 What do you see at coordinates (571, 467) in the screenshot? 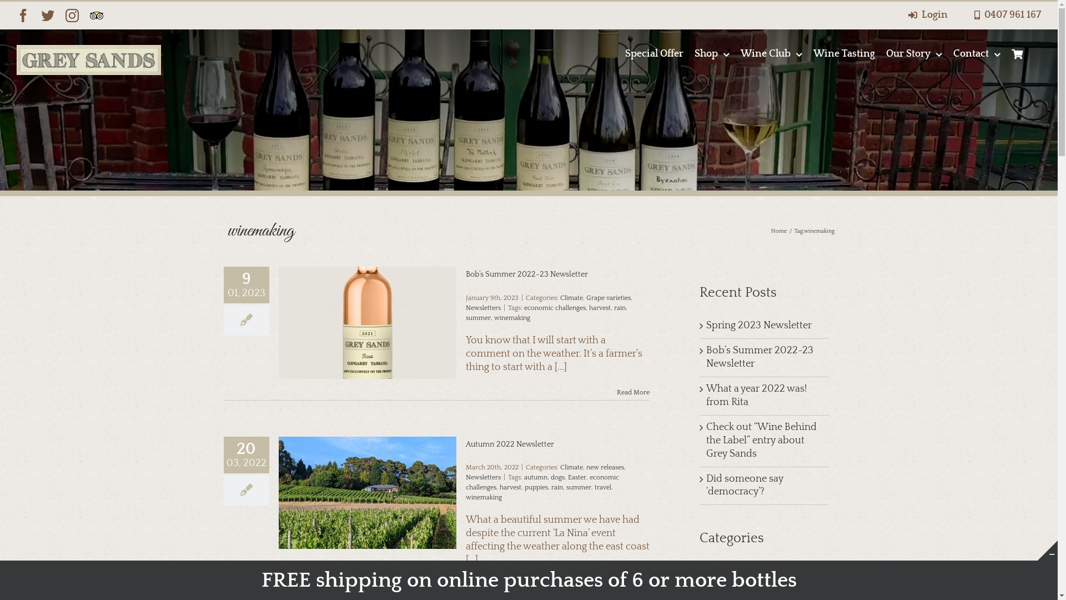
I see `'Climate'` at bounding box center [571, 467].